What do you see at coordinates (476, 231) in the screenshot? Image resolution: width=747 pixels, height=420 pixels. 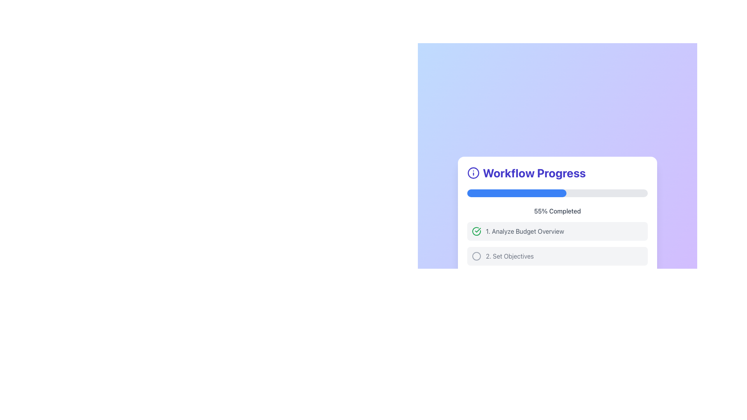 I see `the Checkmark icon` at bounding box center [476, 231].